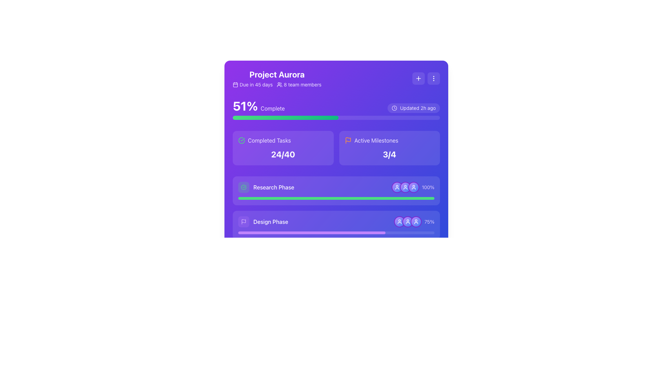 This screenshot has height=372, width=662. What do you see at coordinates (413, 187) in the screenshot?
I see `the third circular user icon with a gradient background and a white user symbol` at bounding box center [413, 187].